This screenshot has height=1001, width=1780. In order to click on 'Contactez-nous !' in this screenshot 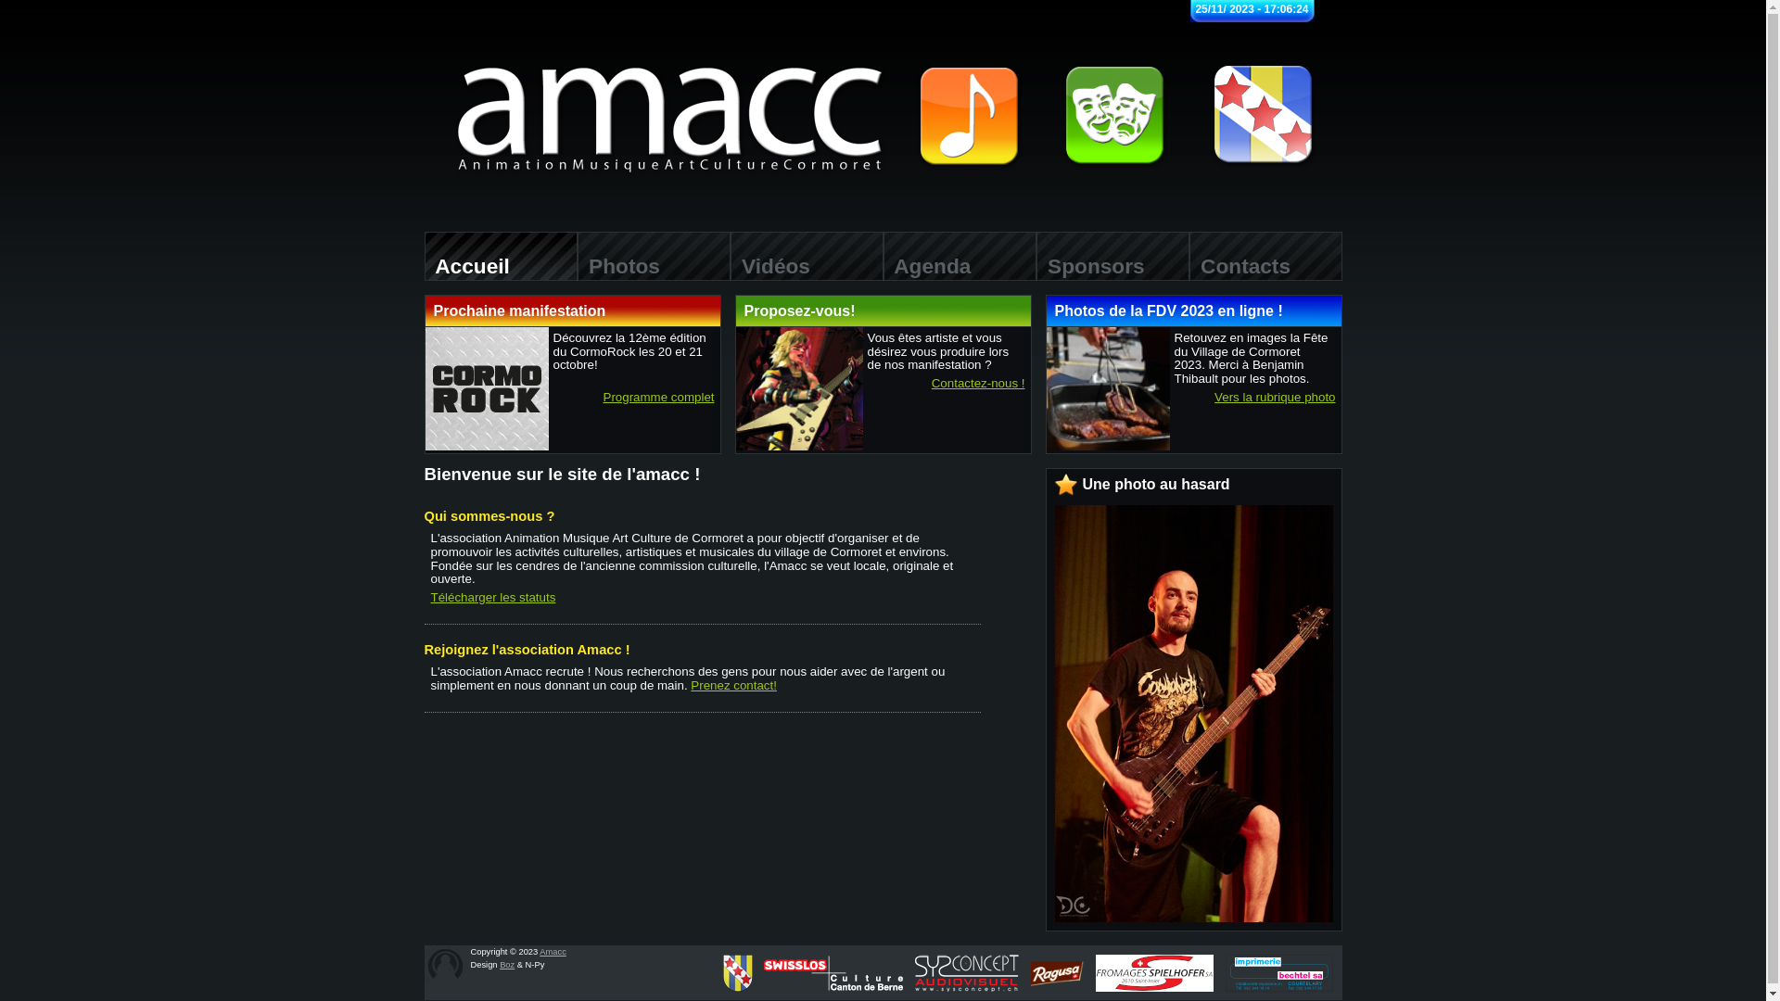, I will do `click(977, 383)`.